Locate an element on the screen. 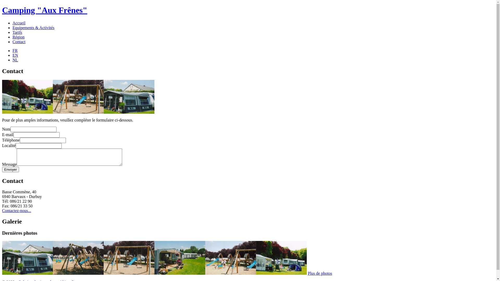 The height and width of the screenshot is (281, 500). 'Plaine de jeux' is located at coordinates (78, 273).